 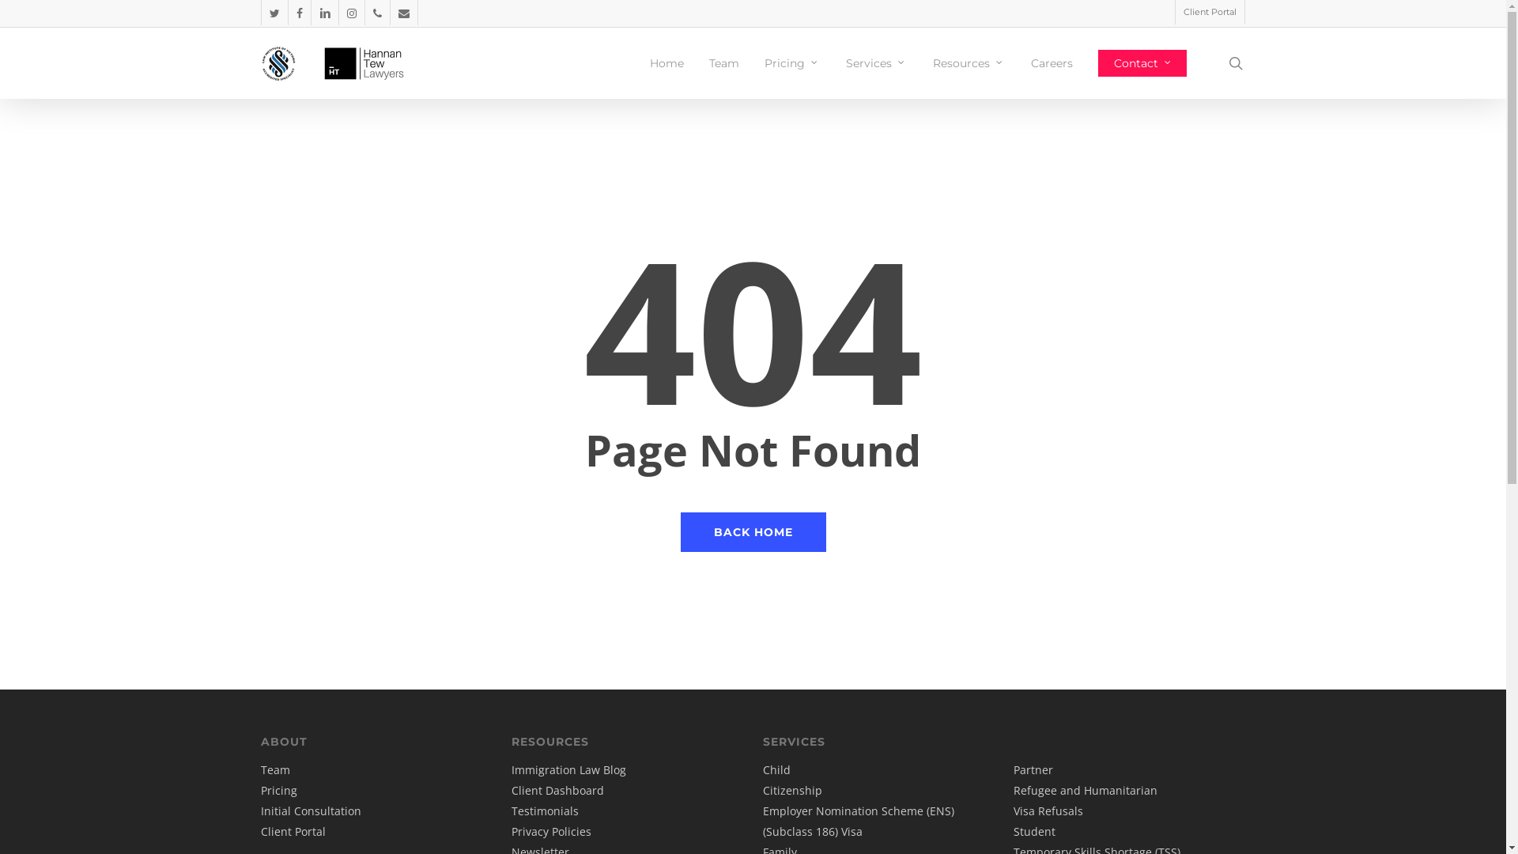 What do you see at coordinates (1048, 811) in the screenshot?
I see `'Visa Refusals'` at bounding box center [1048, 811].